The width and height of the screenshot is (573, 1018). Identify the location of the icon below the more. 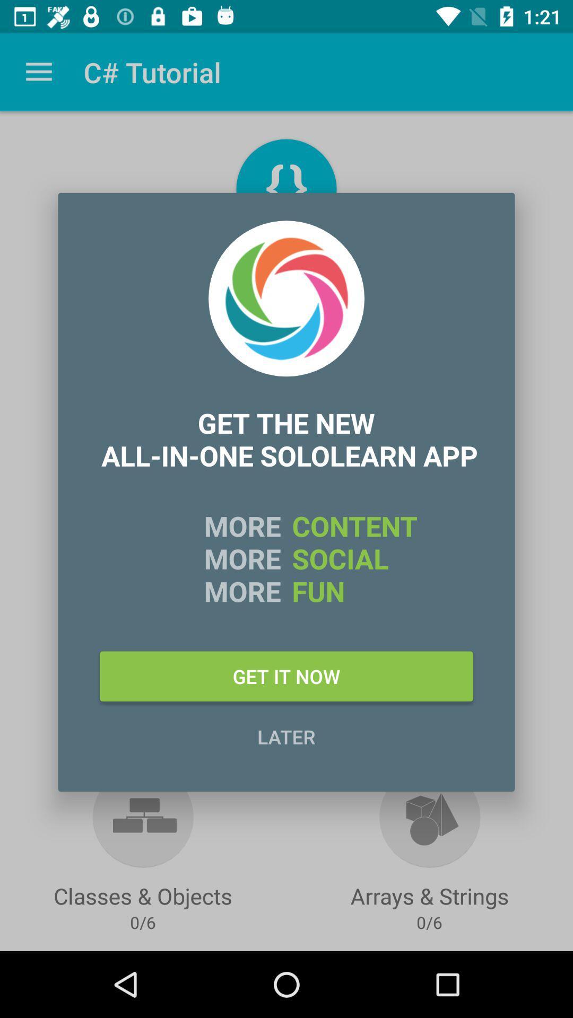
(286, 675).